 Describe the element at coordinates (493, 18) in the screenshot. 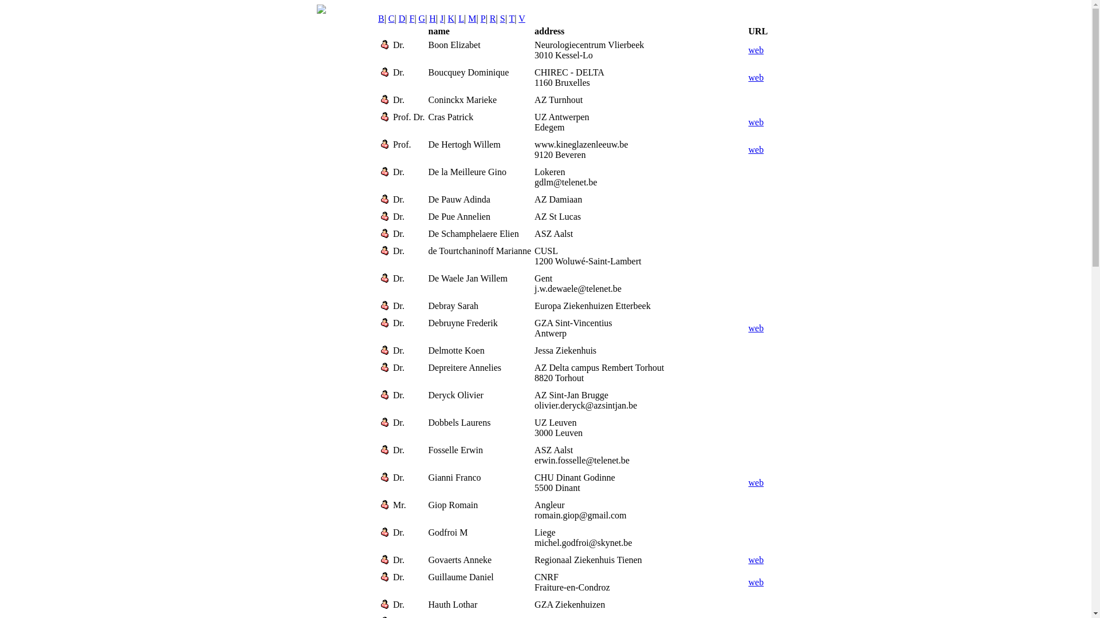

I see `'R'` at that location.